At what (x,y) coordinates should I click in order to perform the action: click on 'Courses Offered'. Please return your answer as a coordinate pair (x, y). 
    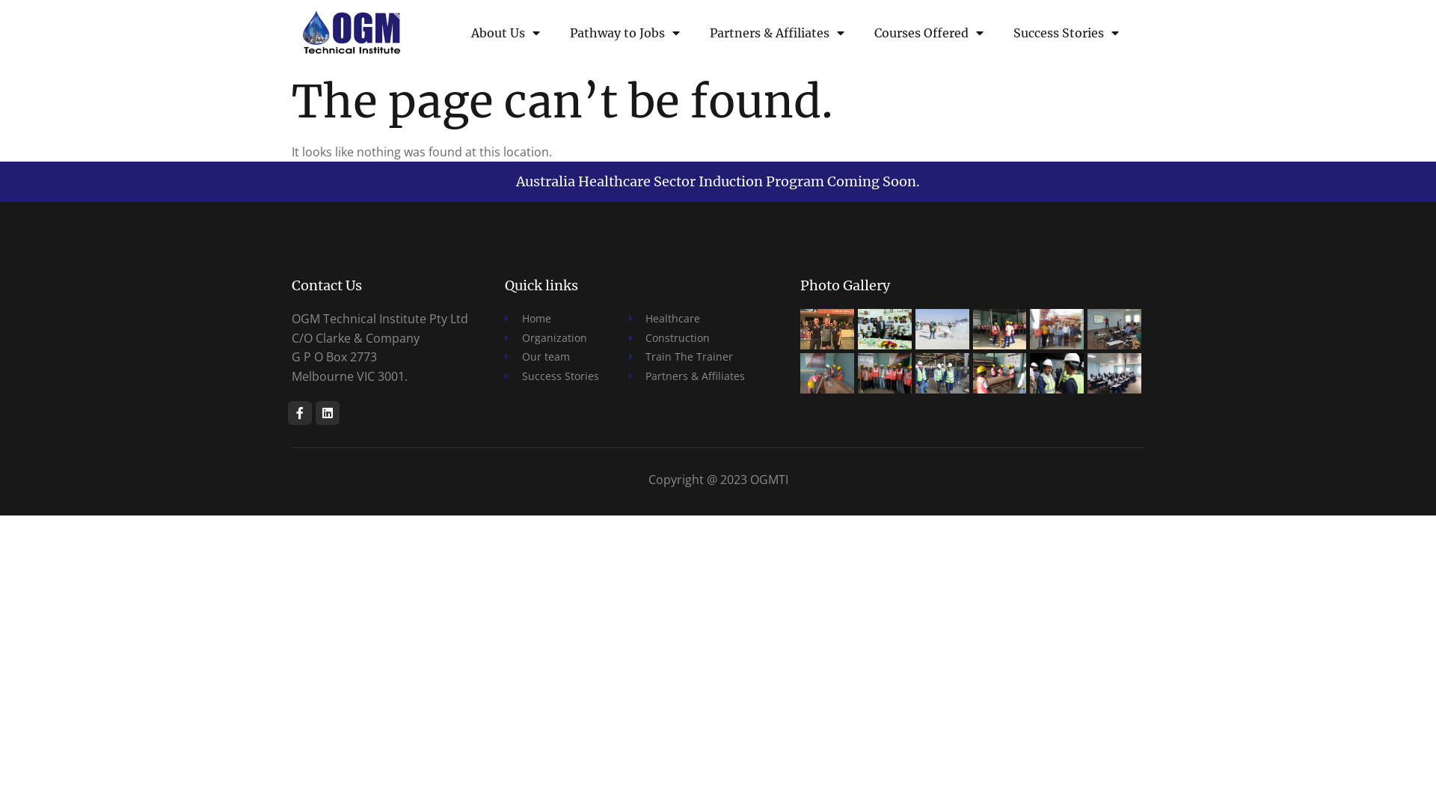
    Looking at the image, I should click on (859, 33).